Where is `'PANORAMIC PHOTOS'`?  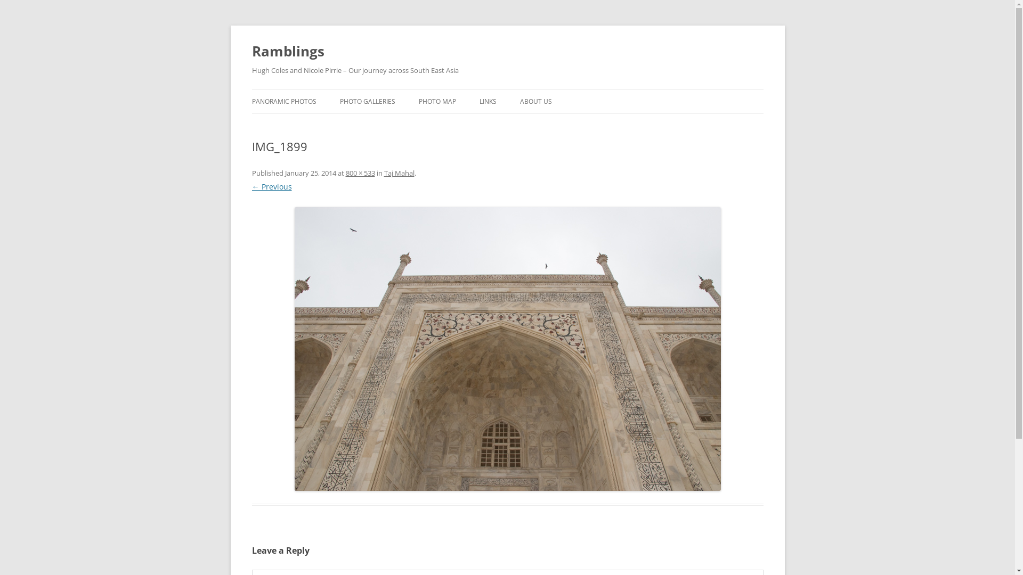
'PANORAMIC PHOTOS' is located at coordinates (250, 102).